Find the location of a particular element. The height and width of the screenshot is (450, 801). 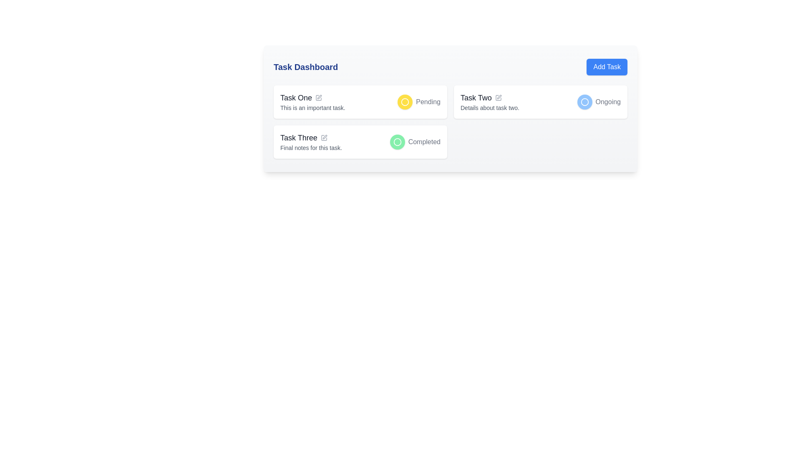

the Status Indicator that visually indicates a 'completed' status, located to the left of the 'Completed' label in the 'Task Three' card is located at coordinates (397, 141).